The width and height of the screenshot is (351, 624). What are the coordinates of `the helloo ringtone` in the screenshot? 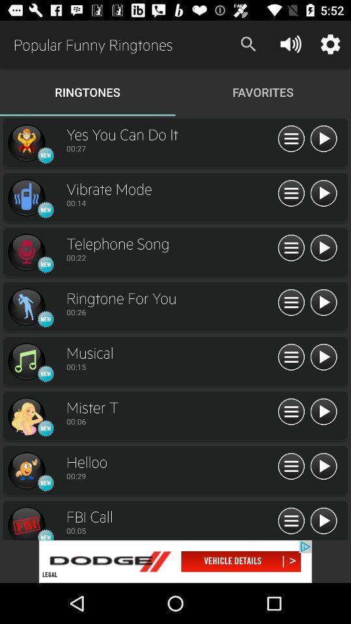 It's located at (26, 470).